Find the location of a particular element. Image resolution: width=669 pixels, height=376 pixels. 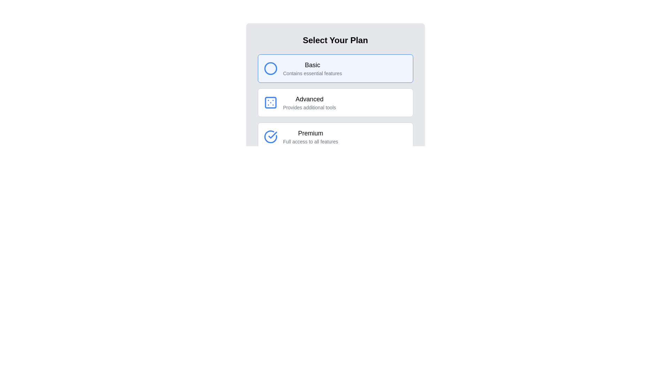

heading text that displays 'Select Your Plan', which is a bold, extra-large, centrally aligned title located at the top of the selection options for different plans is located at coordinates (335, 40).